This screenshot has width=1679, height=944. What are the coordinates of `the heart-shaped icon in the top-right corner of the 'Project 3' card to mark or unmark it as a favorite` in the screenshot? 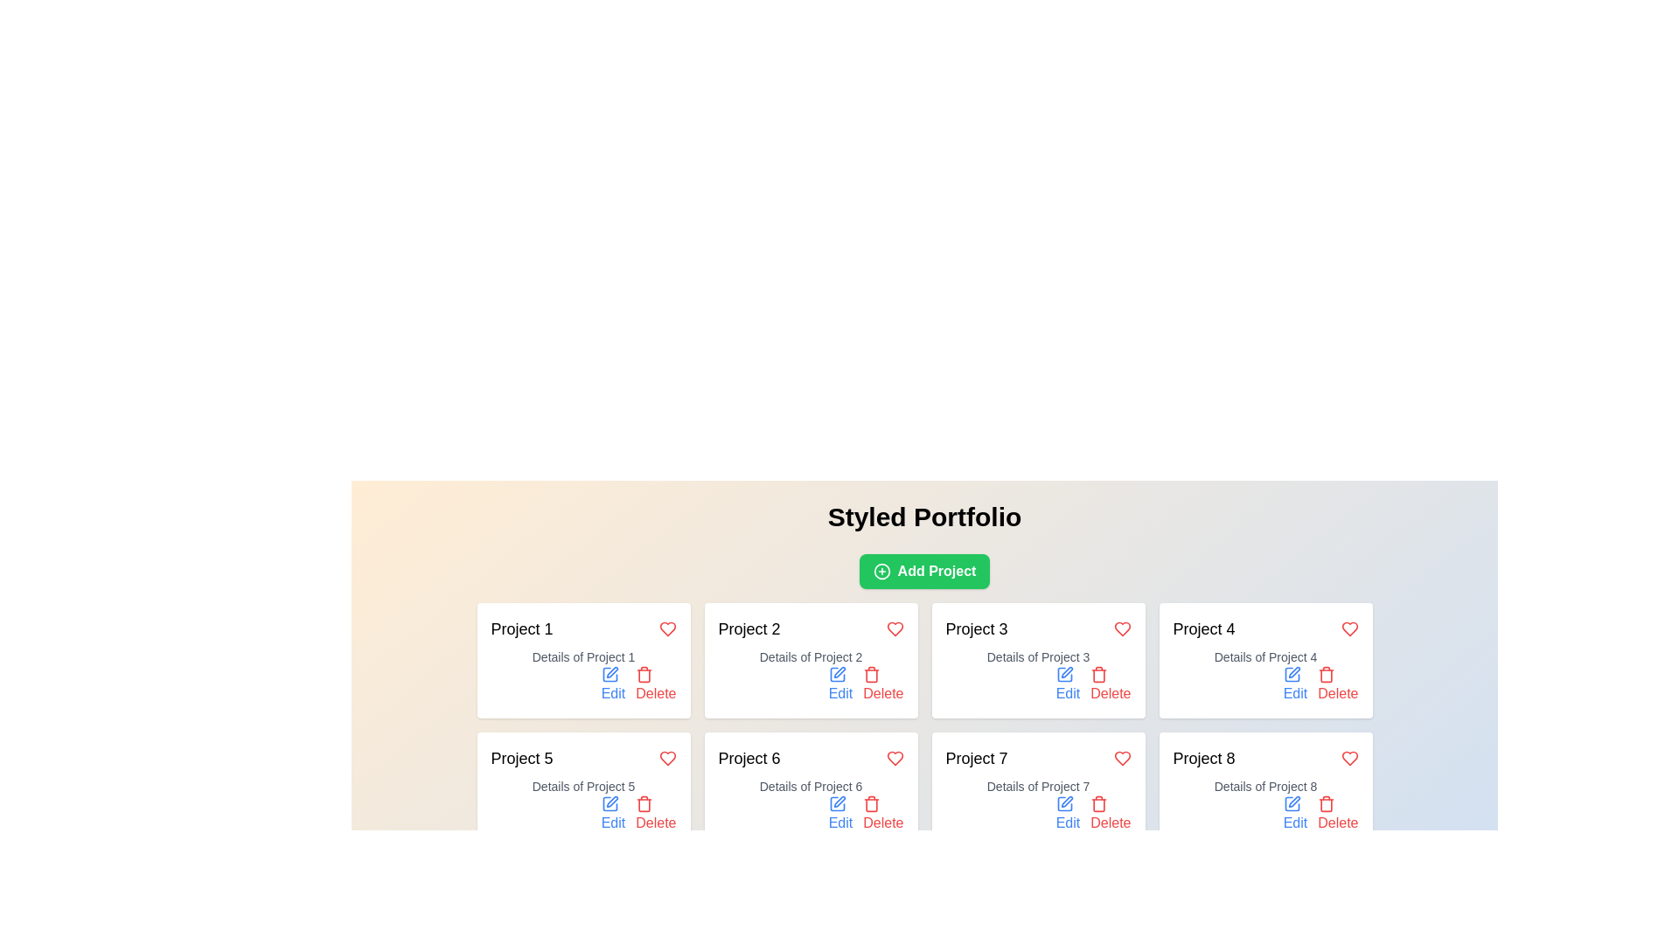 It's located at (1122, 629).